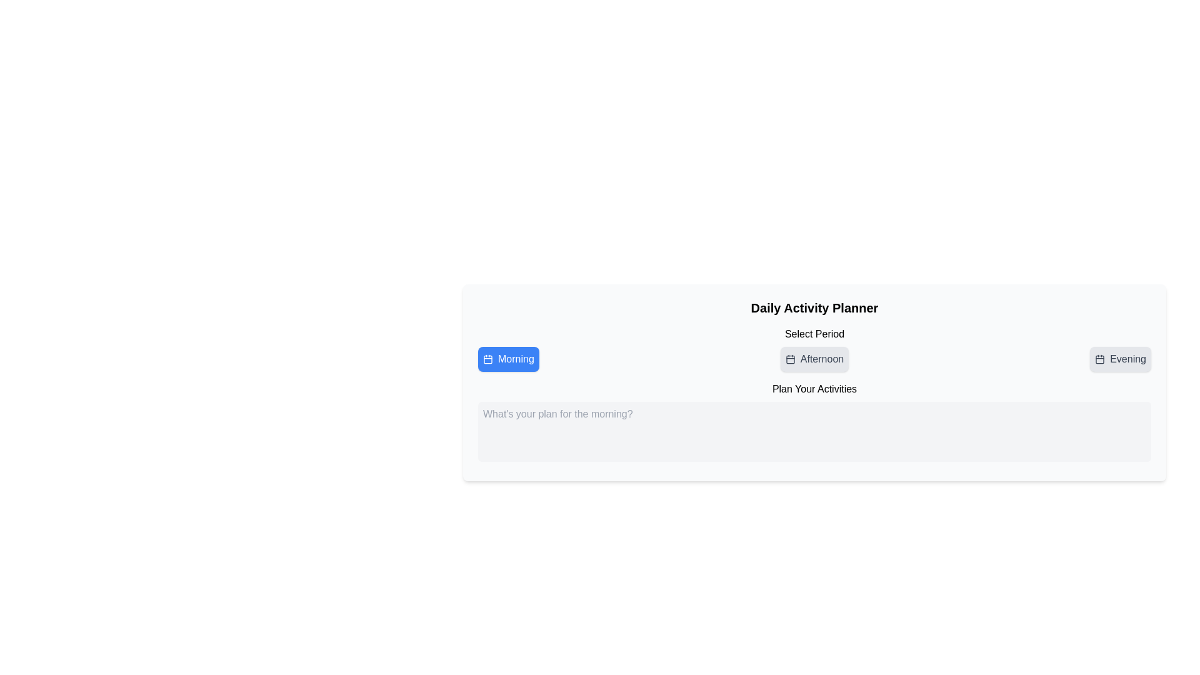 Image resolution: width=1200 pixels, height=675 pixels. I want to click on the calendar icon embedded within the blue 'Morning' button, so click(487, 359).